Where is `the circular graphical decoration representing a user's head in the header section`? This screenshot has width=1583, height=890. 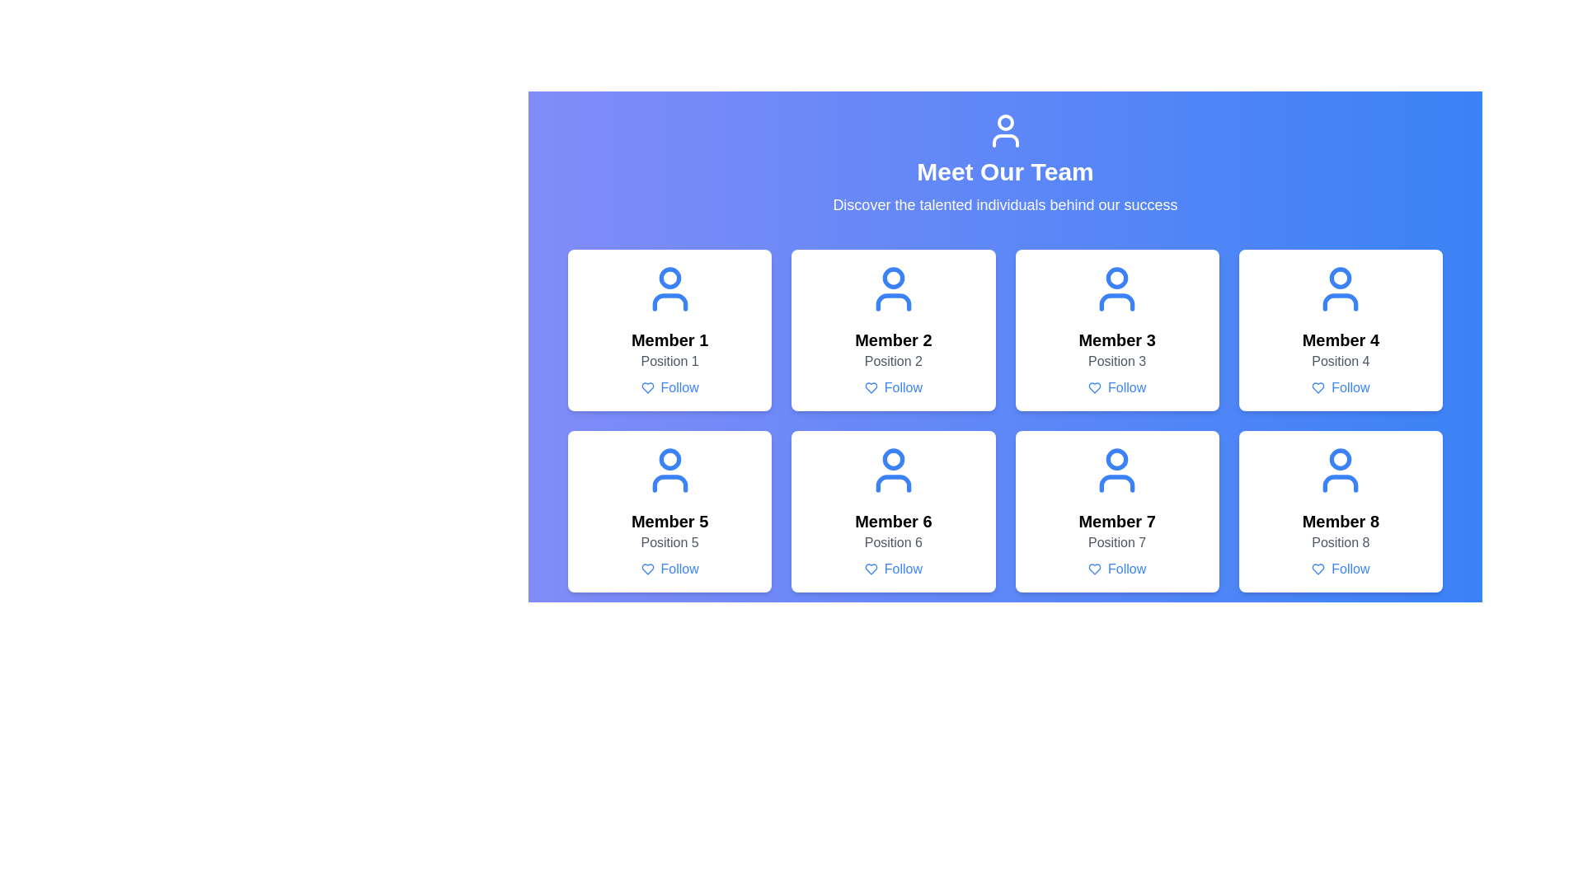 the circular graphical decoration representing a user's head in the header section is located at coordinates (1004, 122).